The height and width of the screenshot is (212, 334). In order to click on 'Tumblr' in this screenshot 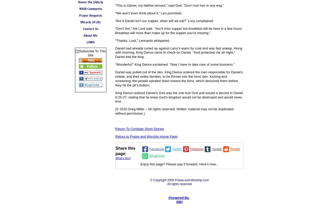, I will do `click(217, 149)`.